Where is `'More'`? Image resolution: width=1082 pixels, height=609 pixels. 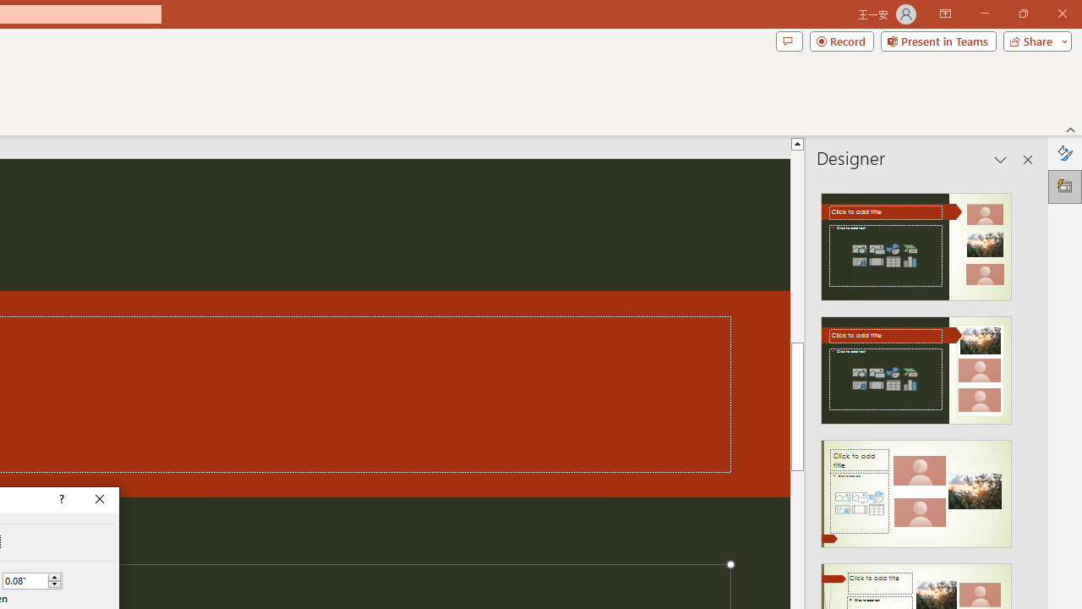 'More' is located at coordinates (54, 576).